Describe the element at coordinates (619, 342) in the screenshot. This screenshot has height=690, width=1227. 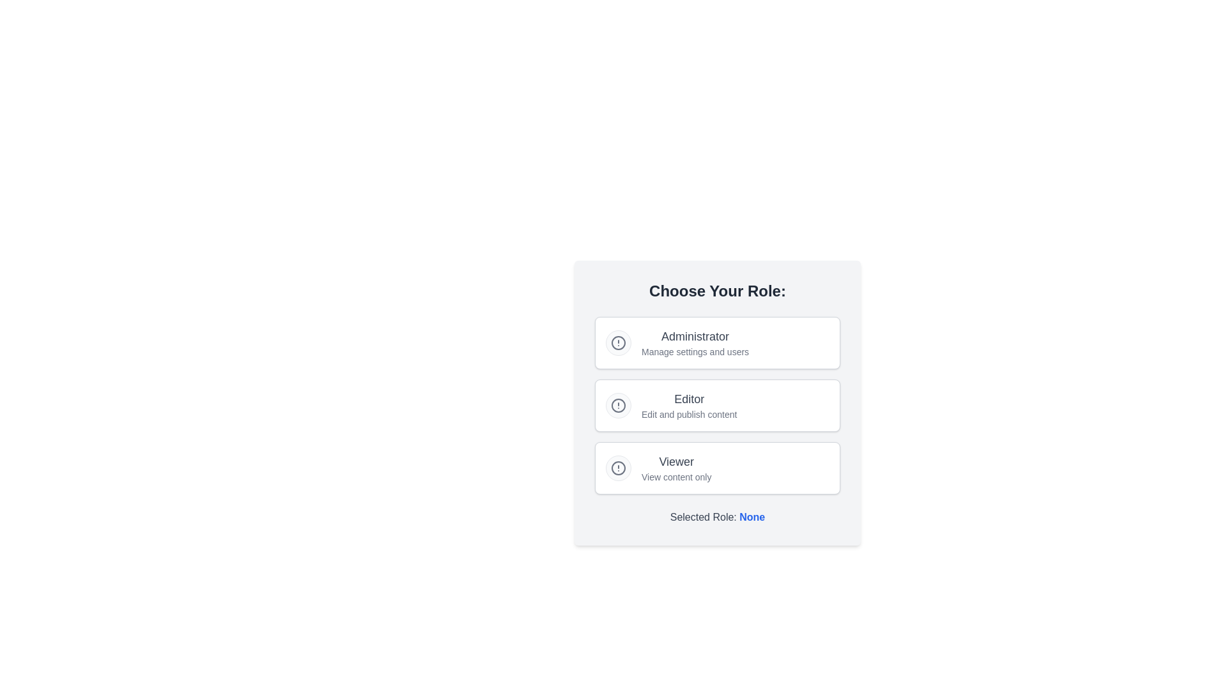
I see `the Circular icon containing an alert graphic located at the top-left corner of the 'Administrator Manage settings and users' block` at that location.